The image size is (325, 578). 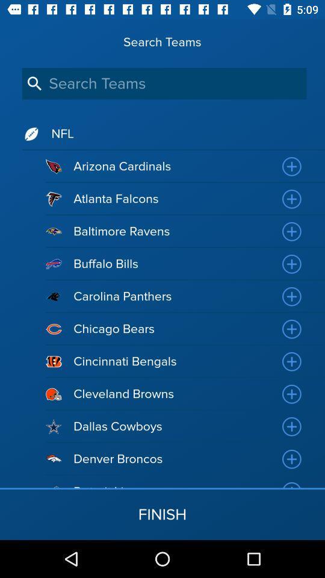 I want to click on this will let you search for which team you want to look at, so click(x=164, y=83).